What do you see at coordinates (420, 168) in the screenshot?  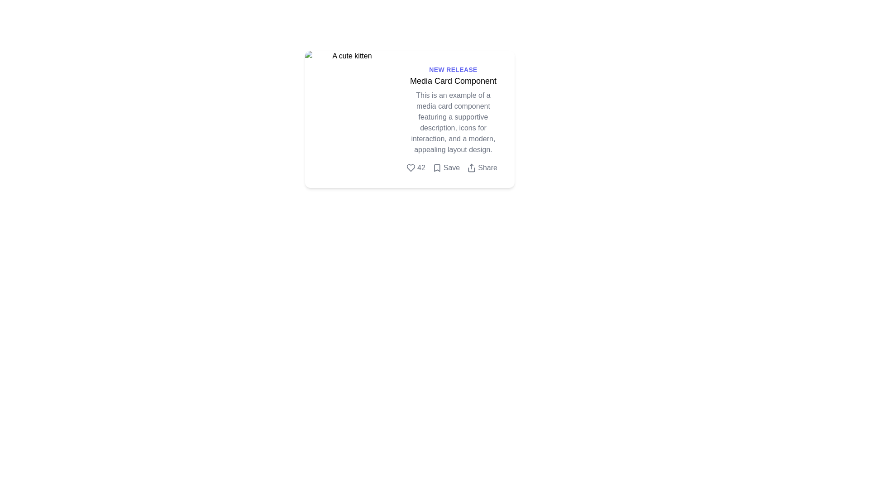 I see `text displayed in the text label showing the number '42', which is styled in gray and located to the right of a heart icon, within a horizontal arrangement of interactive options` at bounding box center [420, 168].